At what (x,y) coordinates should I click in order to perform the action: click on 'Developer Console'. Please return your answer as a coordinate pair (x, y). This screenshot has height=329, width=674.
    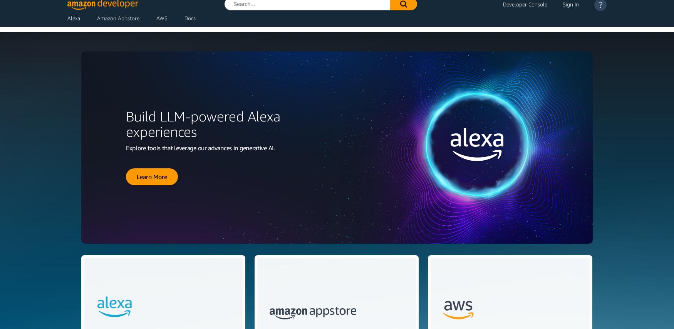
    Looking at the image, I should click on (525, 9).